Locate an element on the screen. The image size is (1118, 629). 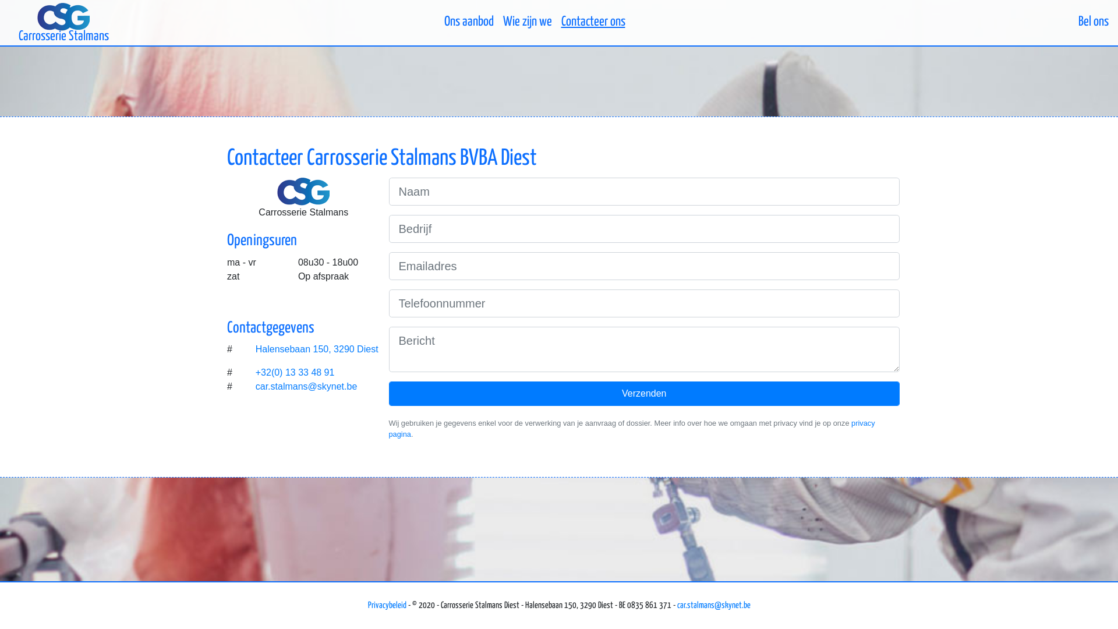
'Ons aanbod' is located at coordinates (438, 22).